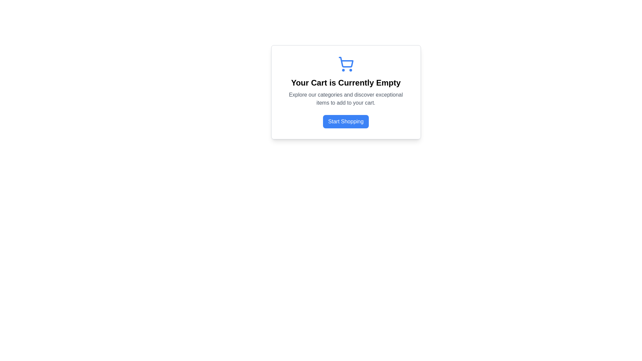 This screenshot has height=361, width=642. What do you see at coordinates (346, 62) in the screenshot?
I see `the shopping cart icon's rectangular body, which is styled with a hollow stroke and simple curves, located above the text 'Your Cart is Currently Empty'` at bounding box center [346, 62].